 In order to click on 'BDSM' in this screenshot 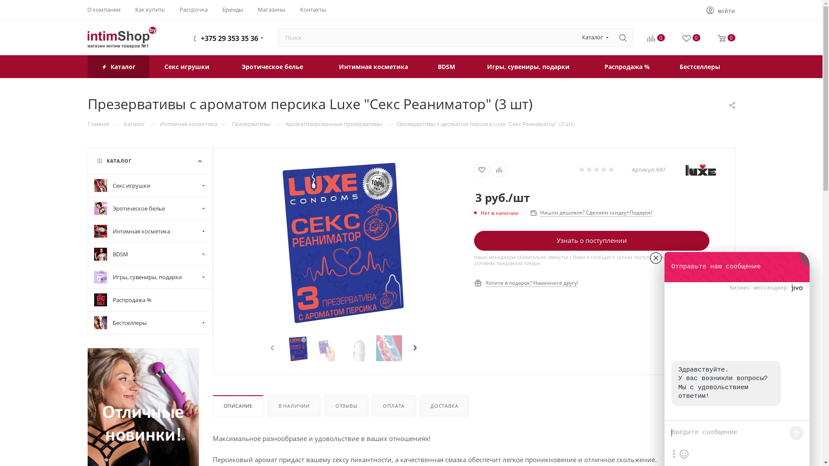, I will do `click(446, 66)`.